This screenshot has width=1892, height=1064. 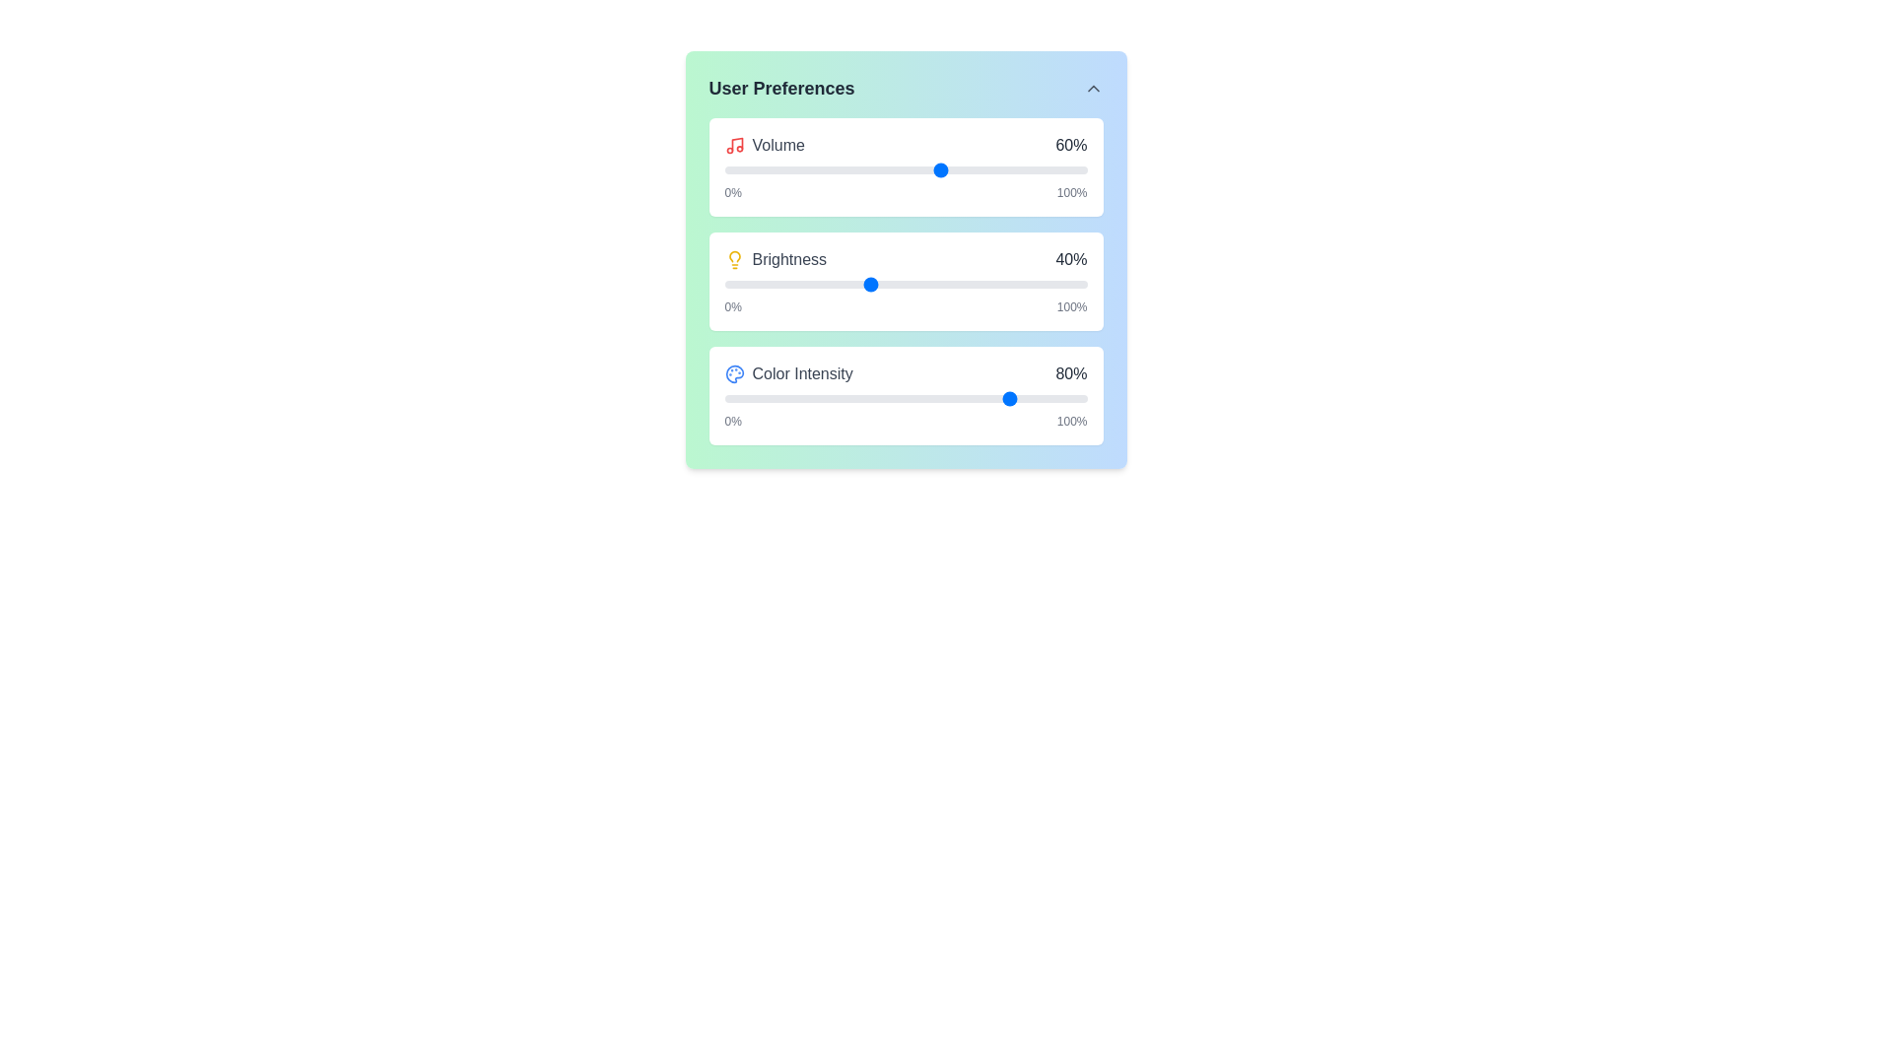 What do you see at coordinates (865, 399) in the screenshot?
I see `the Color Intensity` at bounding box center [865, 399].